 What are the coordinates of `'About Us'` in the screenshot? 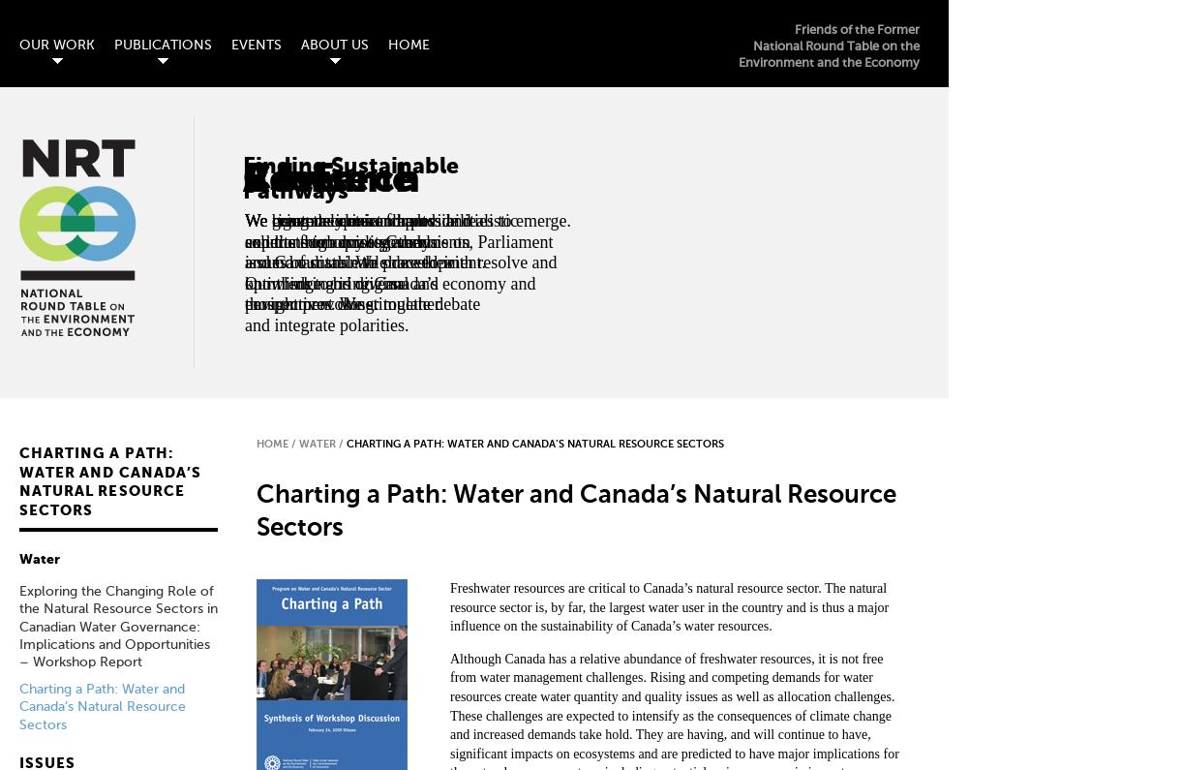 It's located at (334, 45).